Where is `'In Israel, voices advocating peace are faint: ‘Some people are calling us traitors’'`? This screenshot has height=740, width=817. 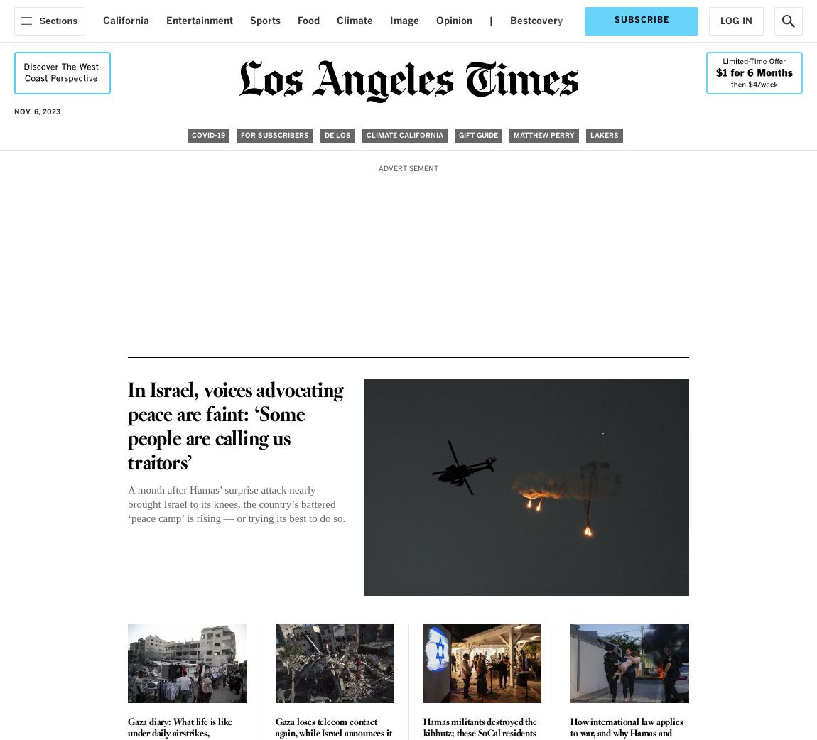
'In Israel, voices advocating peace are faint: ‘Some people are calling us traitors’' is located at coordinates (234, 426).